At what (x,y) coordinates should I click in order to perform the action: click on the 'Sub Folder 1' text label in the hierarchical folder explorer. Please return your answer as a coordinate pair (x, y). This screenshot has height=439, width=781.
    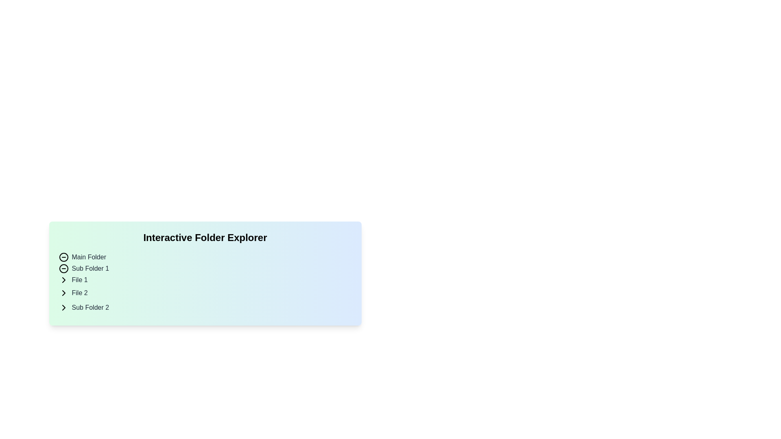
    Looking at the image, I should click on (90, 268).